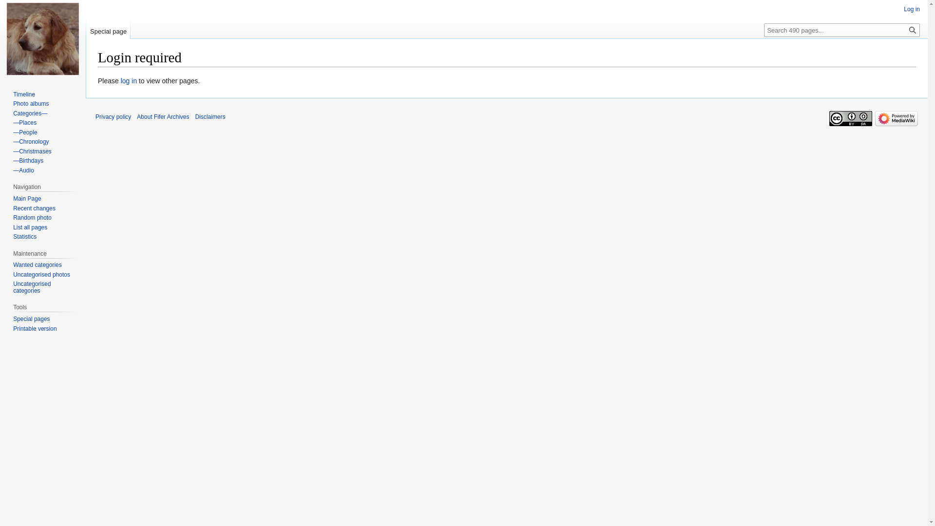 The width and height of the screenshot is (935, 526). Describe the element at coordinates (35, 329) in the screenshot. I see `'Printable version'` at that location.